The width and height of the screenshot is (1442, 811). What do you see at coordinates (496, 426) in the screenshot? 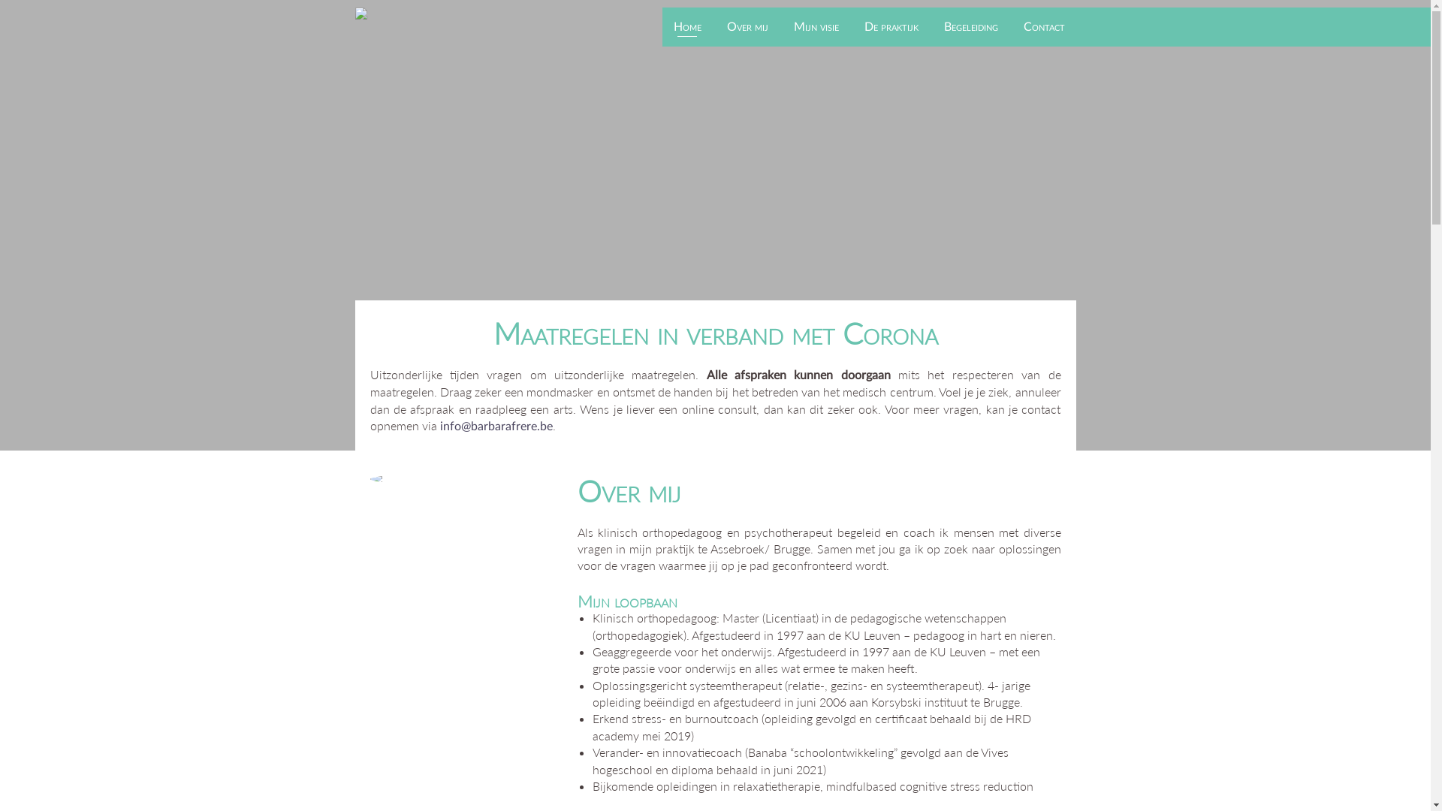
I see `'info@barbarafrere.be'` at bounding box center [496, 426].